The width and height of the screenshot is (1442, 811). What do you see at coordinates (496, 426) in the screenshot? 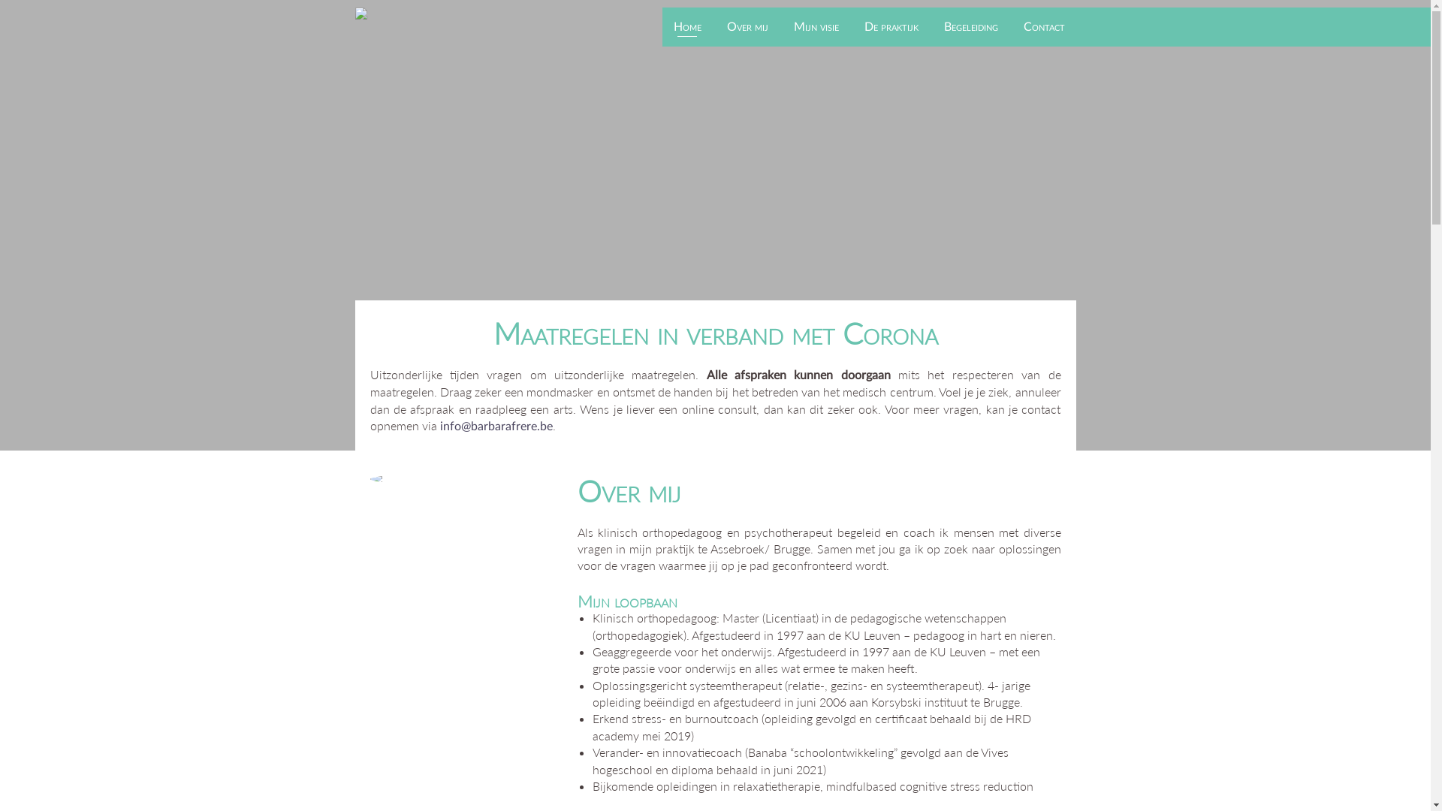
I see `'info@barbarafrere.be'` at bounding box center [496, 426].